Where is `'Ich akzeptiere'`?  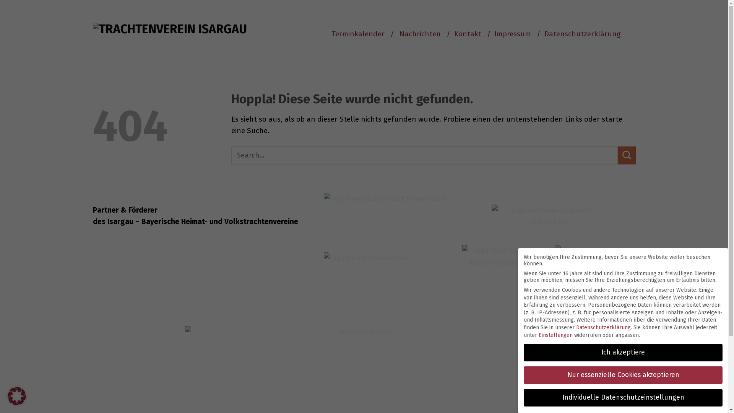 'Ich akzeptiere' is located at coordinates (623, 352).